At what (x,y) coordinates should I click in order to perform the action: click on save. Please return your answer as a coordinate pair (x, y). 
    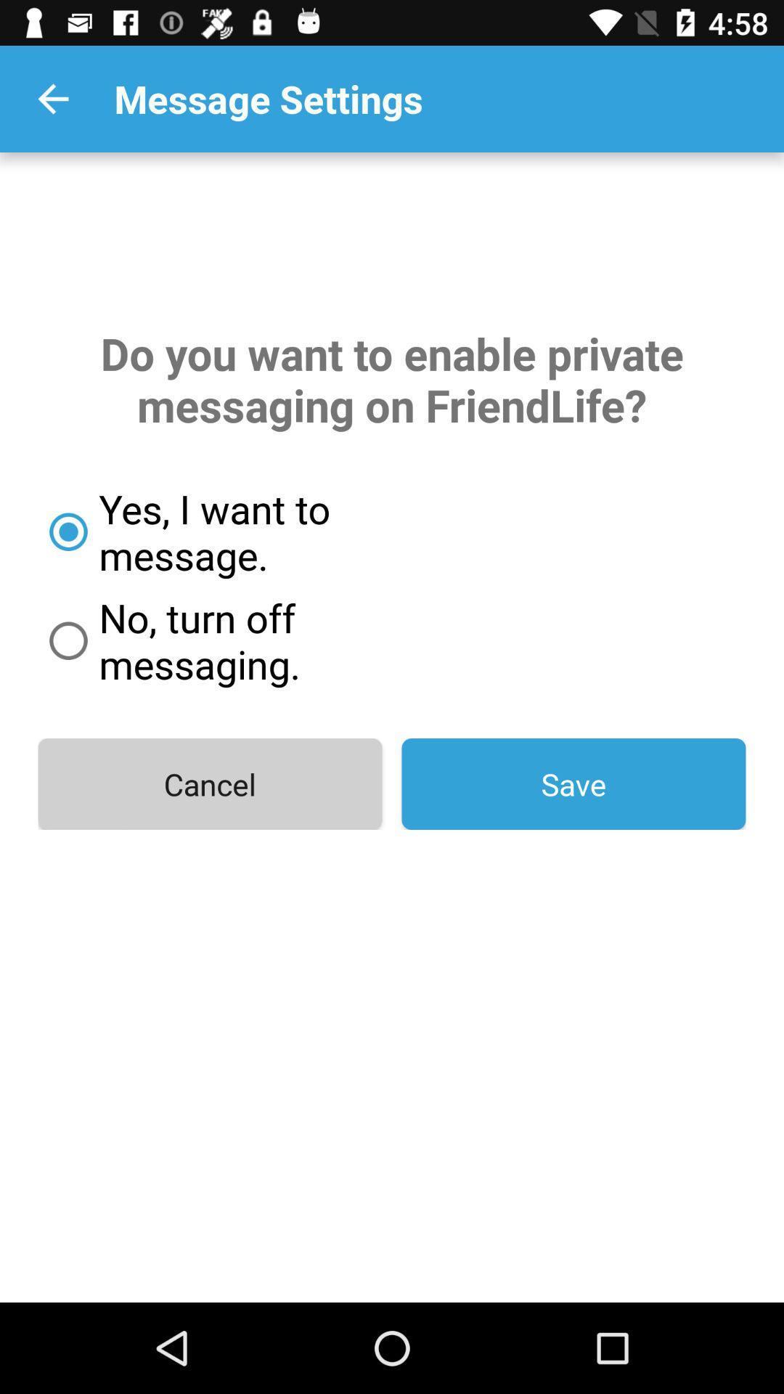
    Looking at the image, I should click on (573, 783).